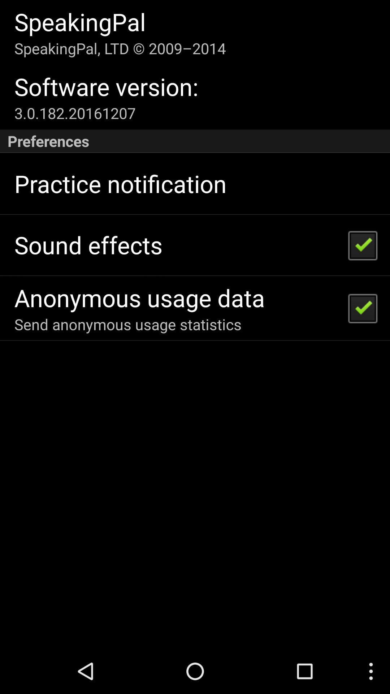 Image resolution: width=390 pixels, height=694 pixels. What do you see at coordinates (120, 184) in the screenshot?
I see `item below the preferences` at bounding box center [120, 184].